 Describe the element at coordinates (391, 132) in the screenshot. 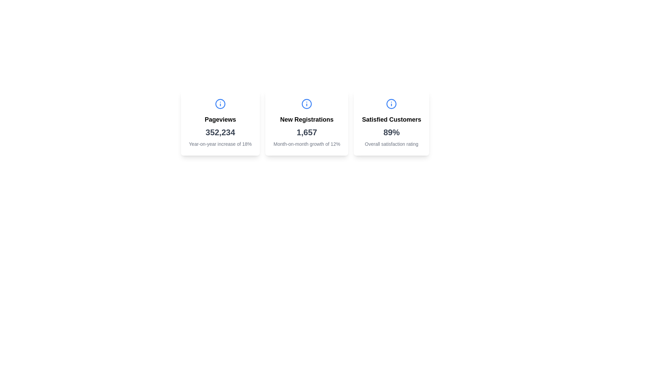

I see `the text block displaying '89%' in a bold and large font, which is styled in slightly dark gray on a white background, located beneath the 'Satisfied Customers' title in the third card of a horizontal row` at that location.